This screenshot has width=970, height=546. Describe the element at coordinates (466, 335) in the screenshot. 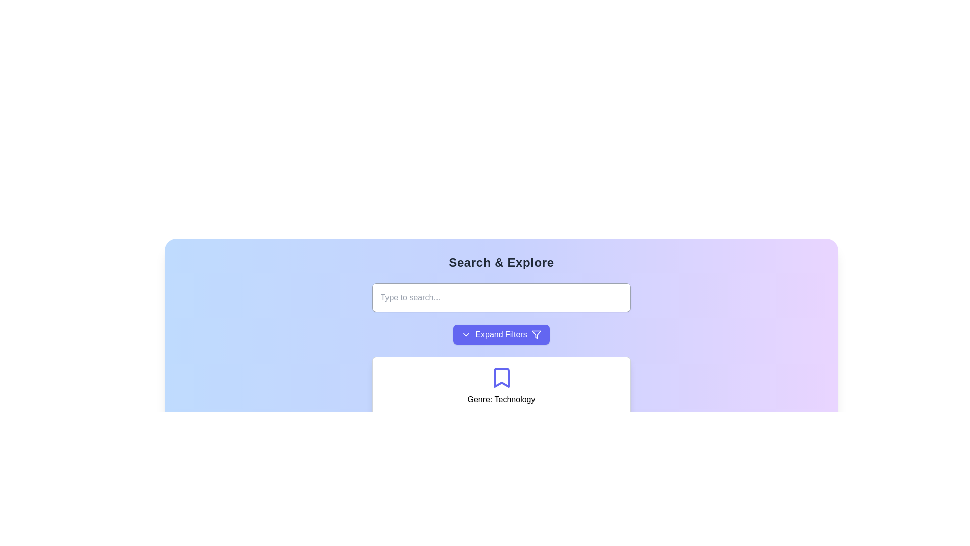

I see `the downward-facing chevron icon located within the 'Expand Filters' button in the header` at that location.